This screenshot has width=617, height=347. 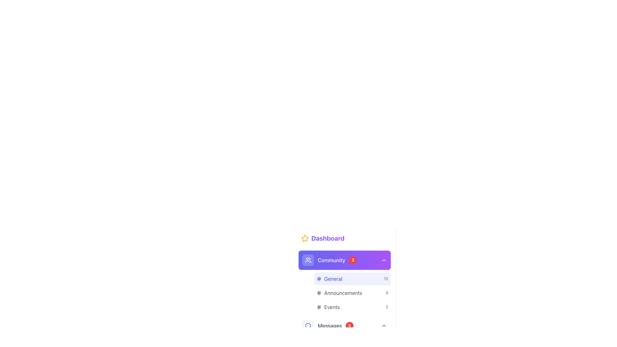 What do you see at coordinates (308, 260) in the screenshot?
I see `the Community icon button located in the sidebar navigation menu, which serves as a visual cue for the Community section` at bounding box center [308, 260].